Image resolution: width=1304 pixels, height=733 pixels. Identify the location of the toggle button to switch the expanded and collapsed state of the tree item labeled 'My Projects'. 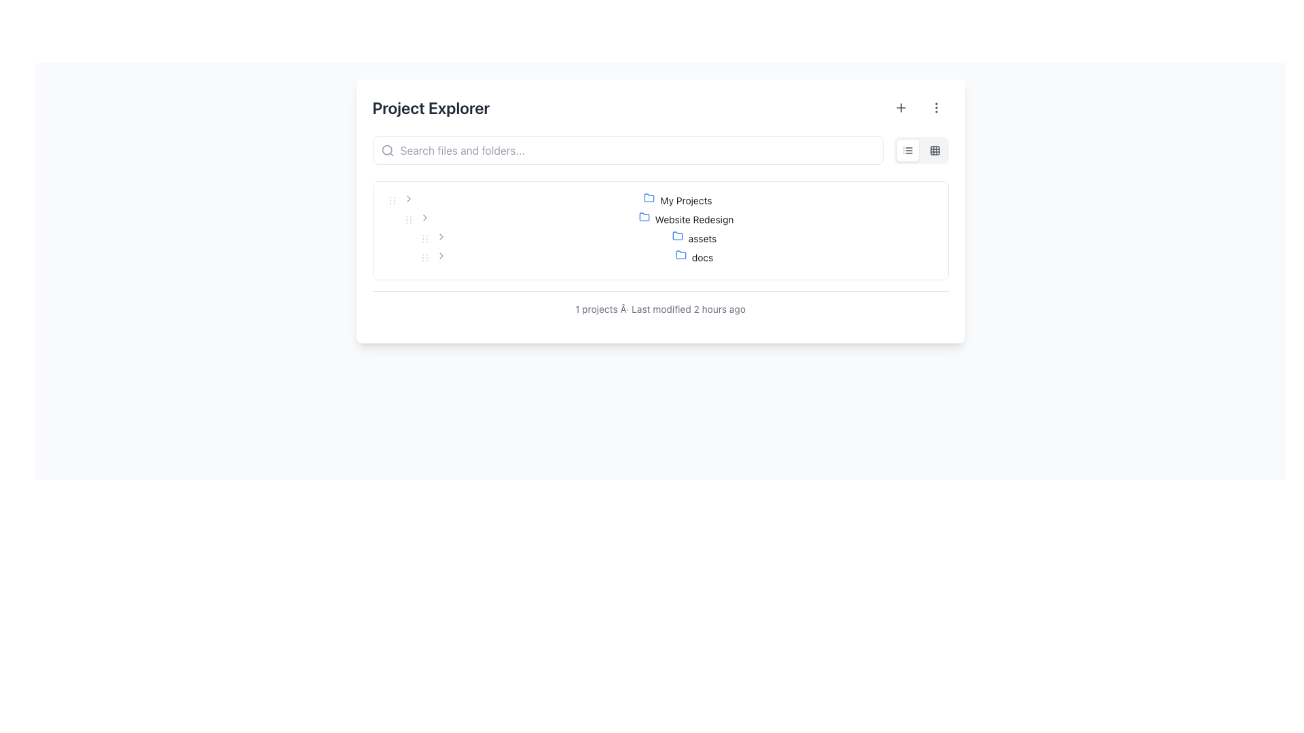
(407, 201).